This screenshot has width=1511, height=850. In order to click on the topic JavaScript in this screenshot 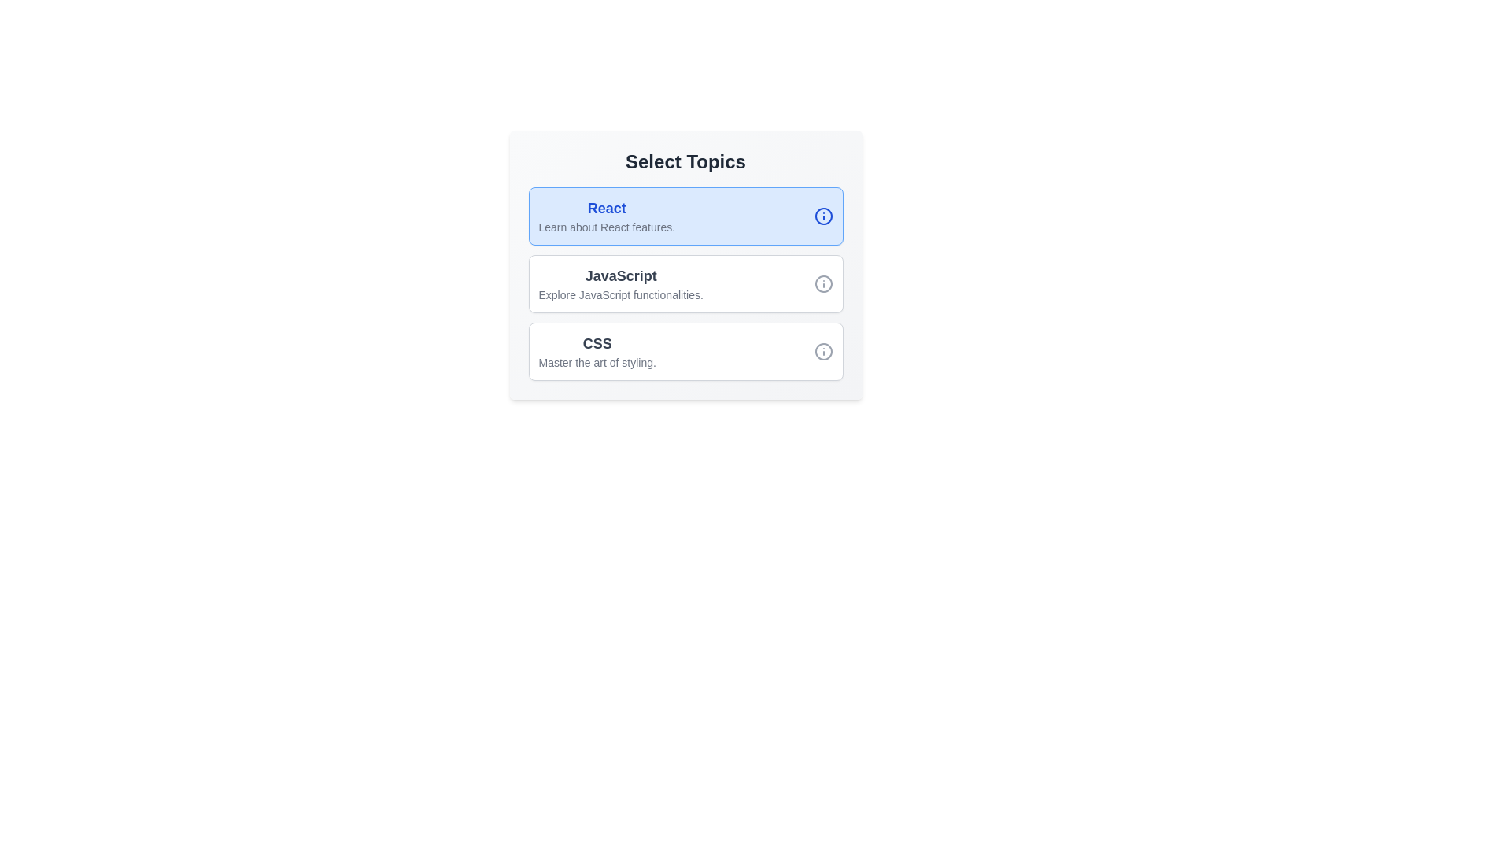, I will do `click(685, 284)`.